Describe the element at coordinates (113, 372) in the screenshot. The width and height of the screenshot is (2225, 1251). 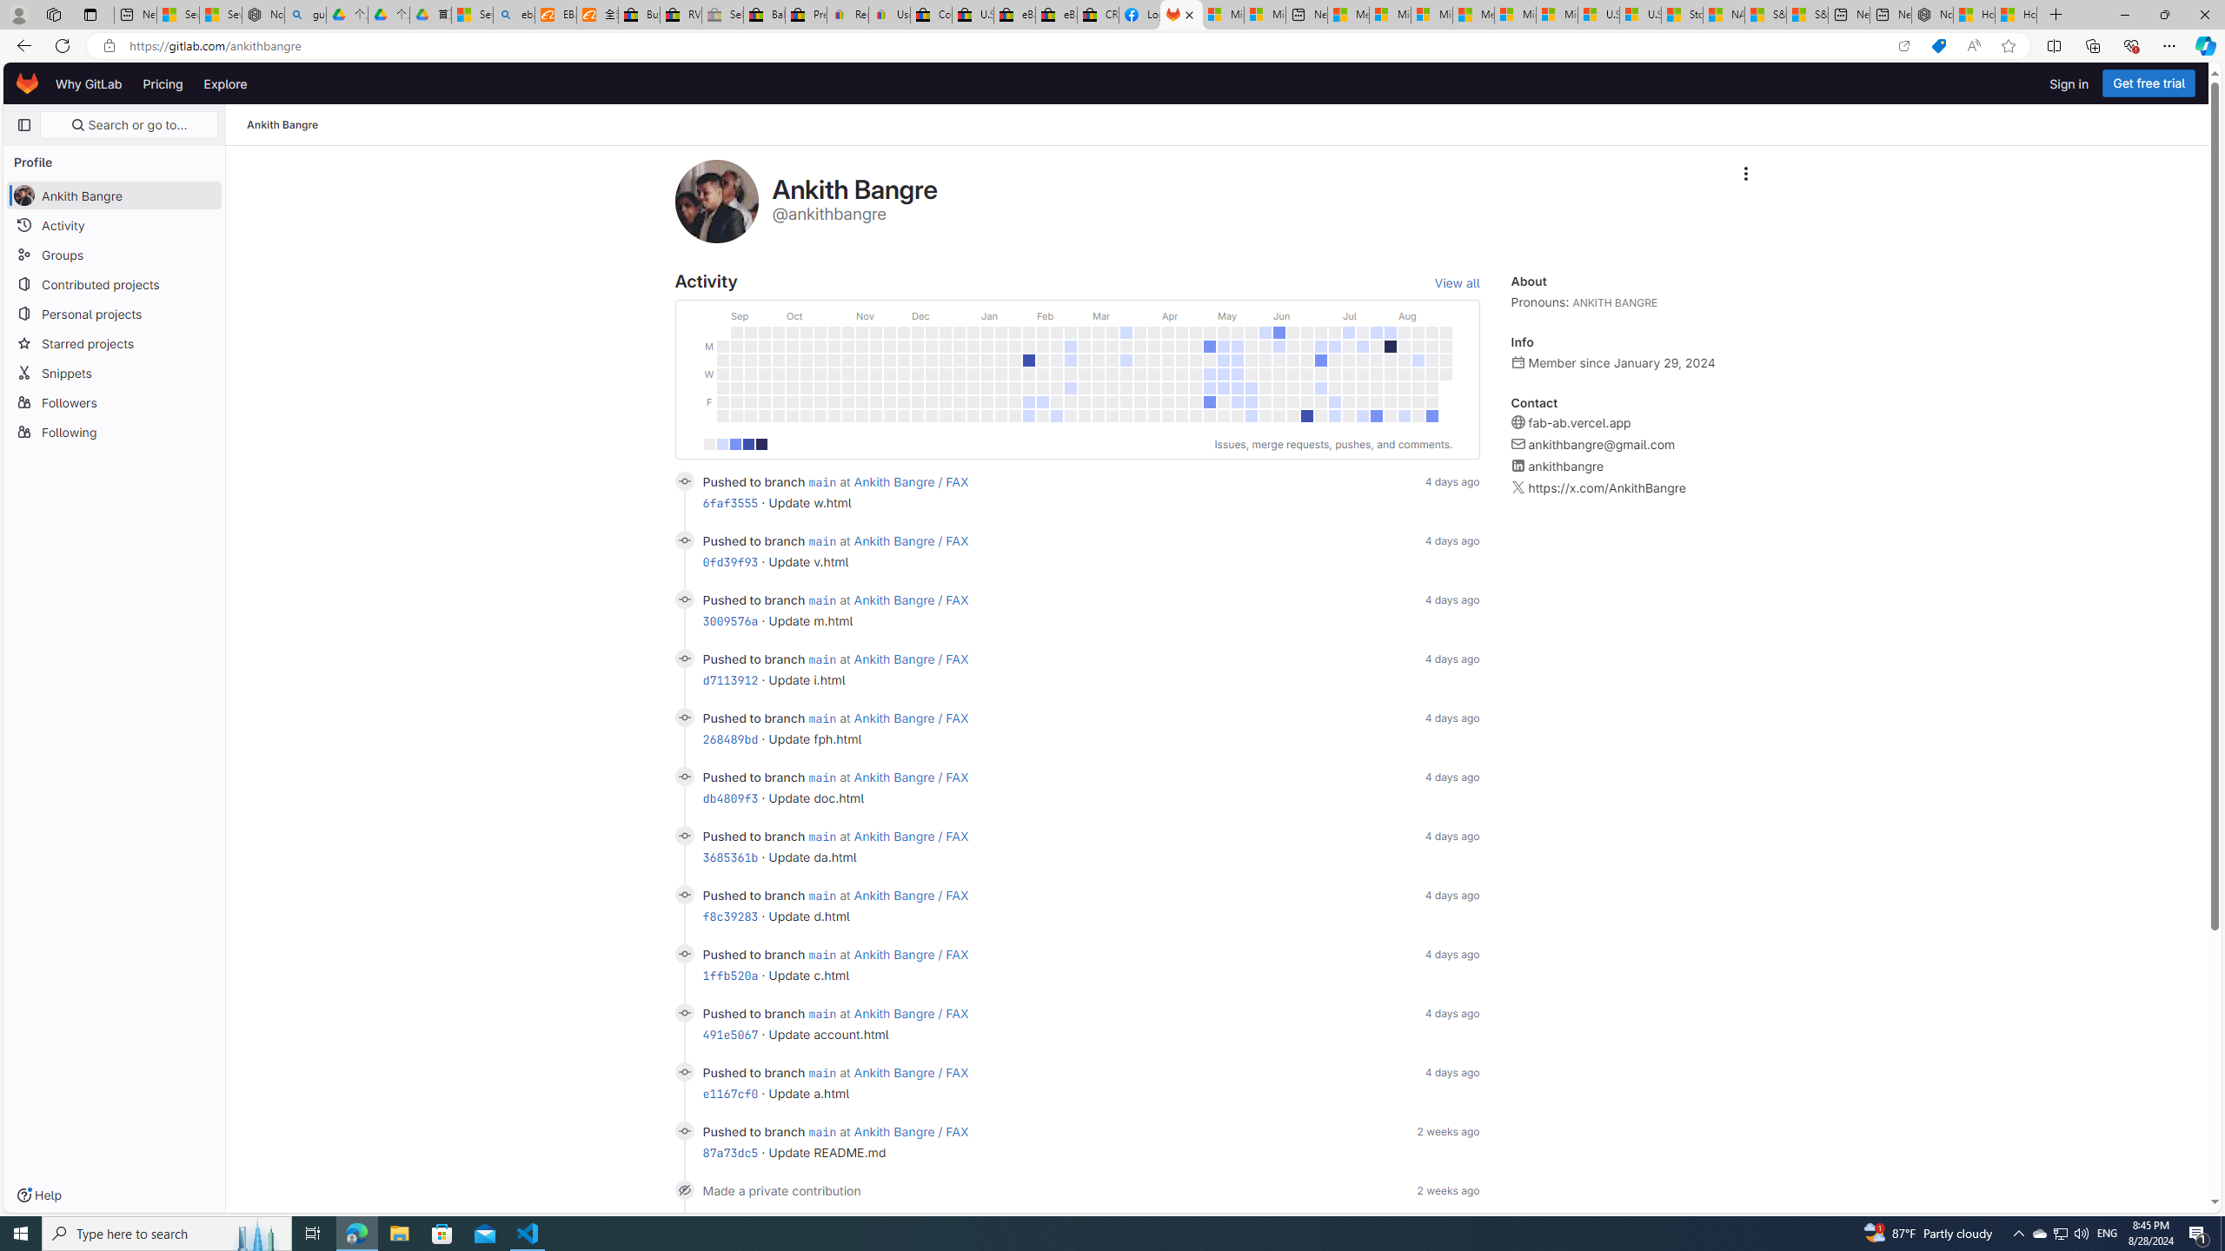
I see `'Snippets'` at that location.